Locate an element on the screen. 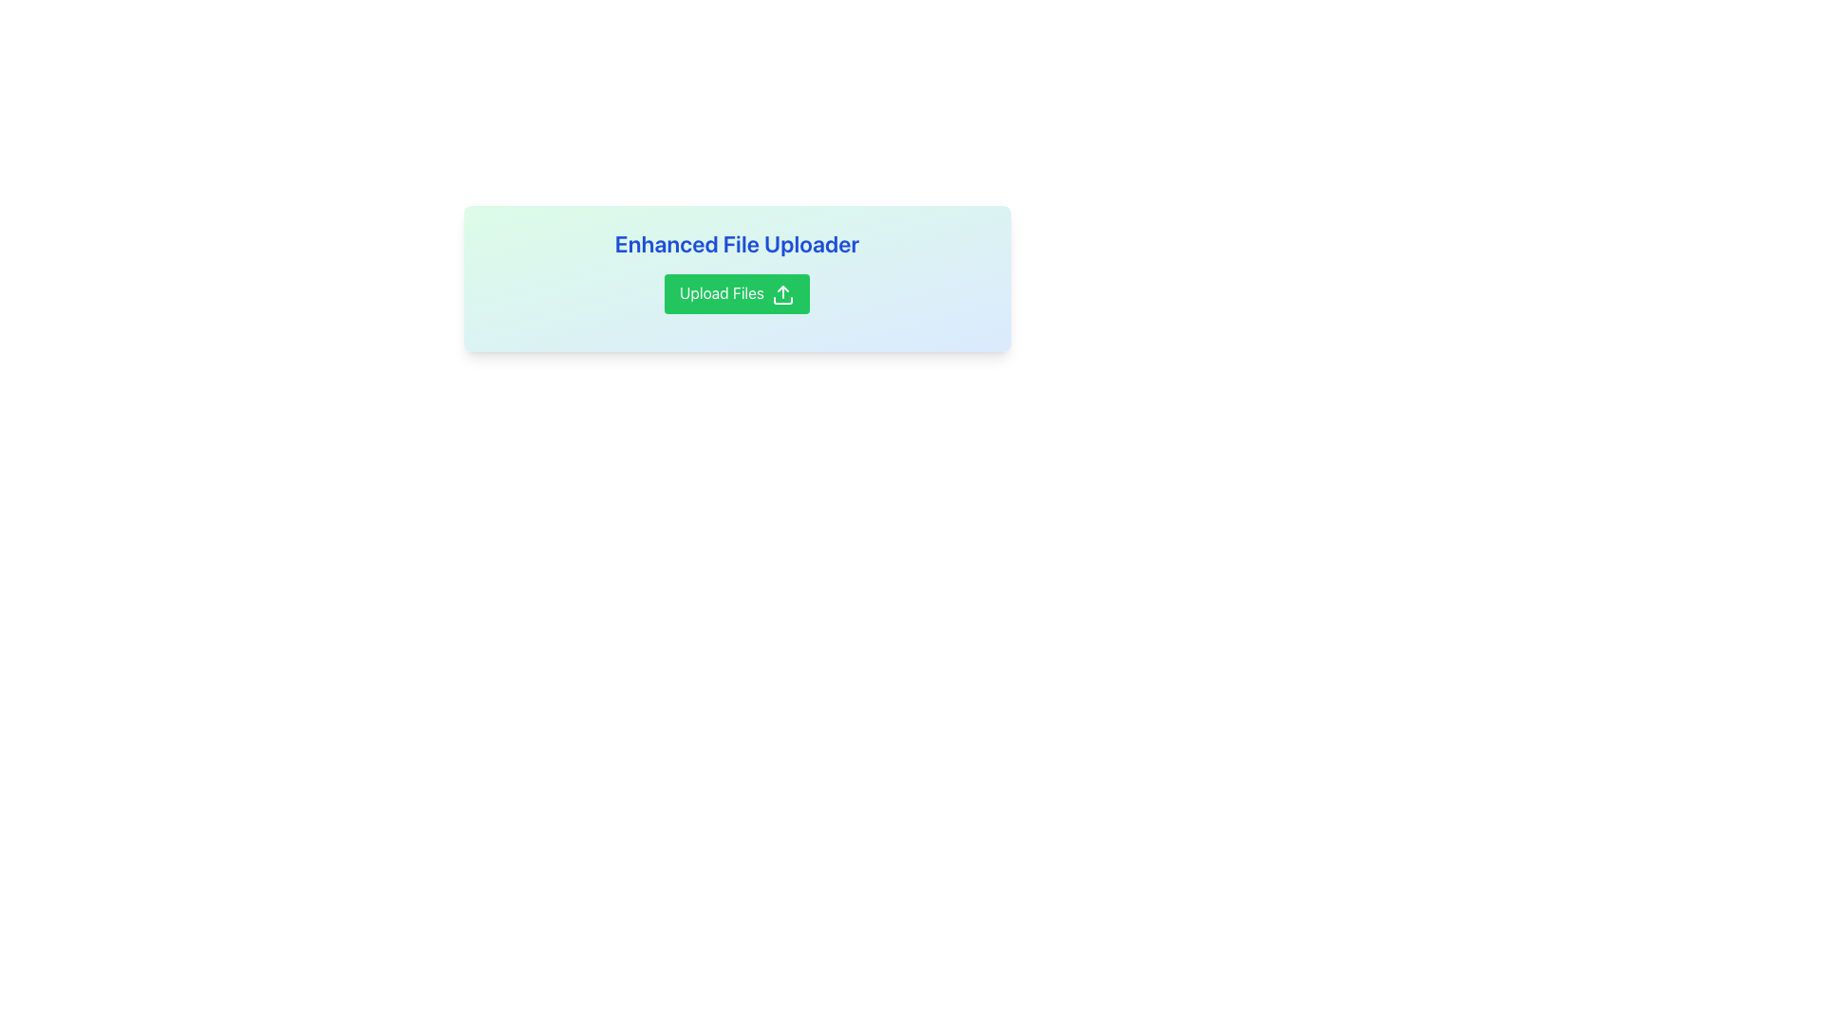 This screenshot has width=1823, height=1025. the upload icon located within the green button labeled 'Upload Files', which features an outlined upward arrow and a semi-circular base is located at coordinates (783, 294).